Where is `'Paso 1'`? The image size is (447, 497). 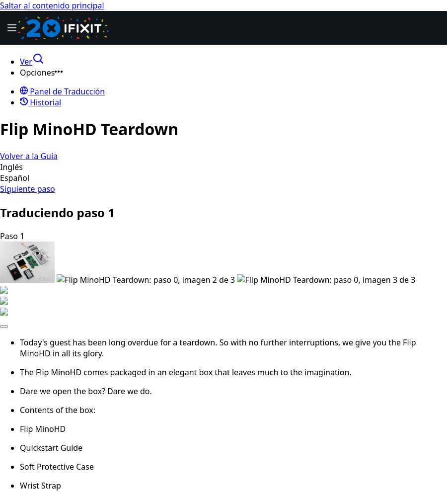
'Paso 1' is located at coordinates (11, 235).